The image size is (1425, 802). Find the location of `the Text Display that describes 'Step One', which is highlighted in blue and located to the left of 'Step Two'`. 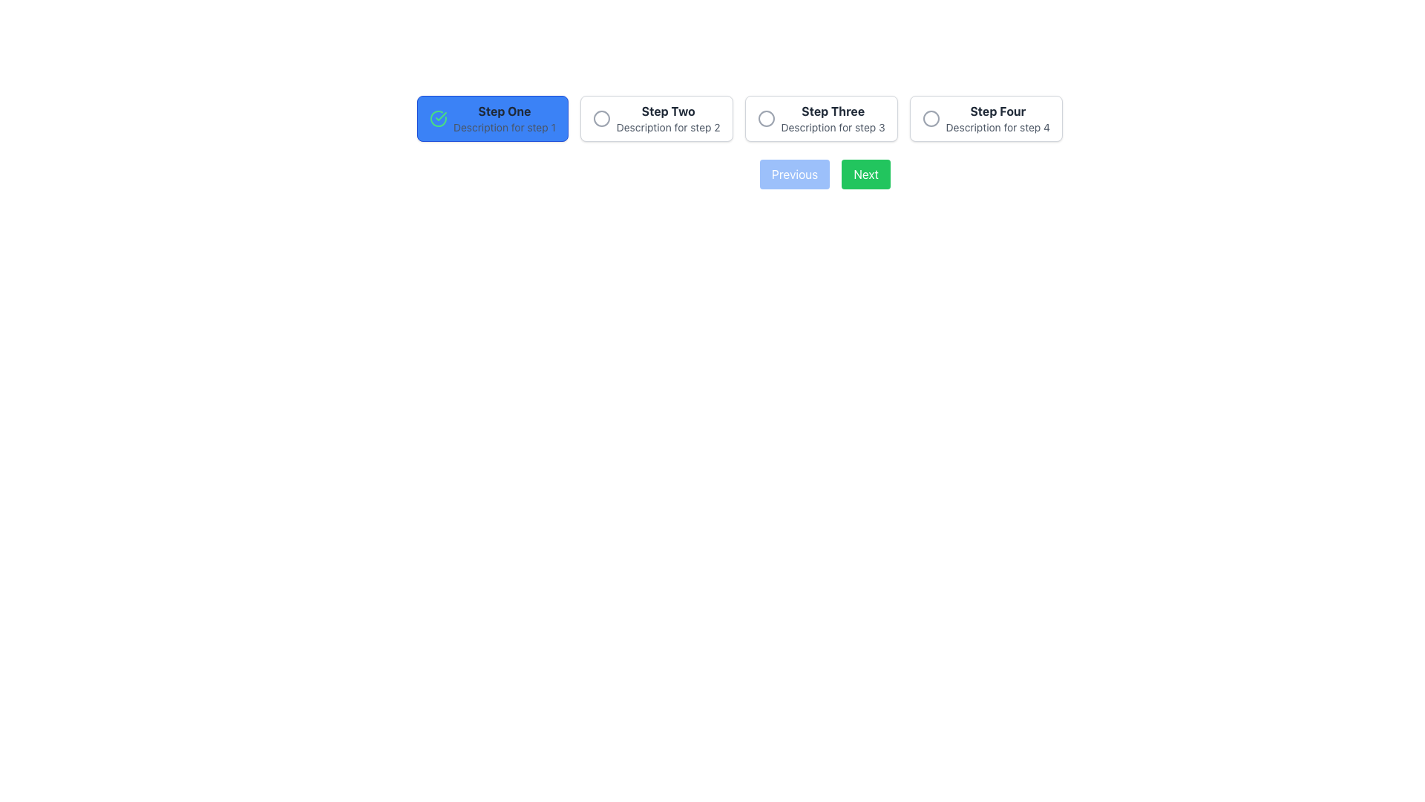

the Text Display that describes 'Step One', which is highlighted in blue and located to the left of 'Step Two' is located at coordinates (504, 117).